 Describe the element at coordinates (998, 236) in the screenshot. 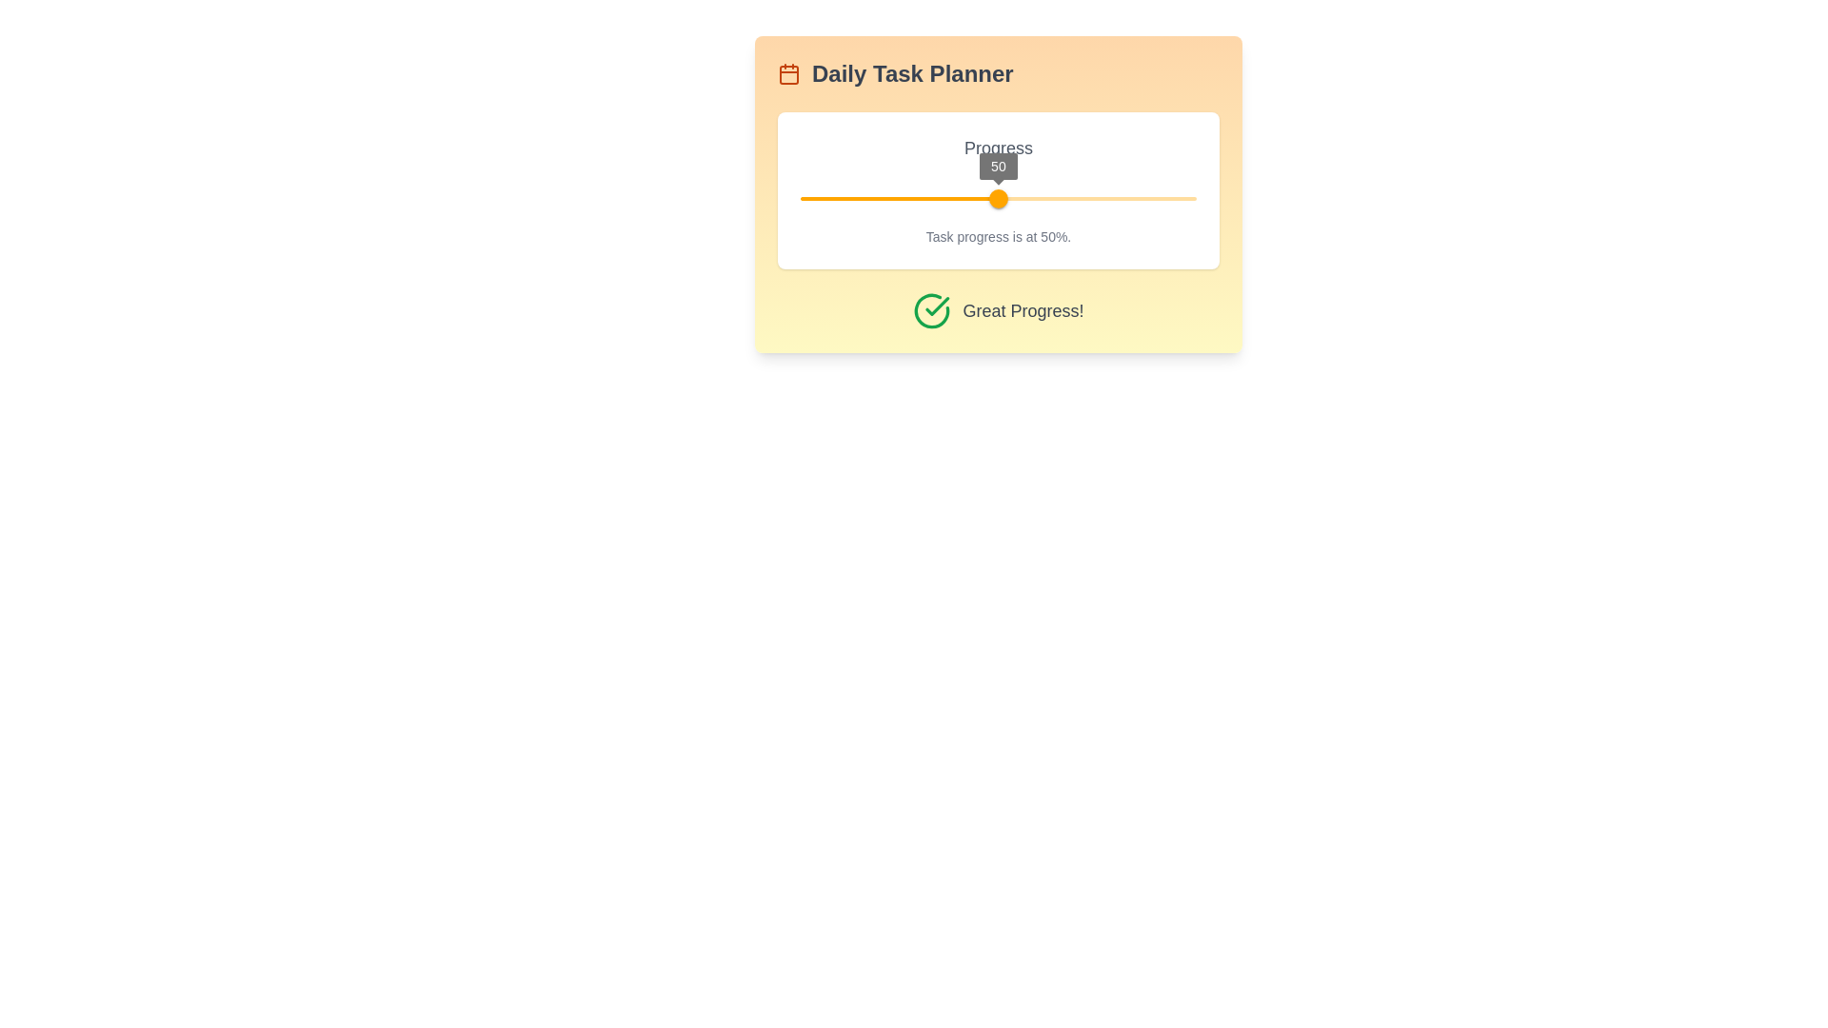

I see `the Informative Text element that provides a summary of the current task progress status, located directly below the slider labeled '50'` at that location.